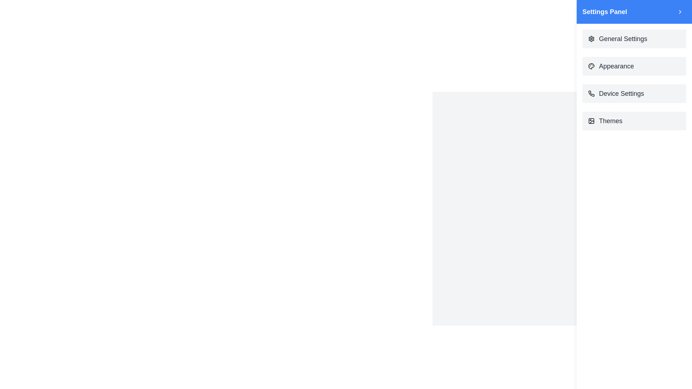 This screenshot has height=389, width=692. What do you see at coordinates (679, 12) in the screenshot?
I see `the Chevron Icon located in the top-right corner of the blue header within the 'Settings Panel' sidebar, adjacent to the title text 'Settings Panel.'` at bounding box center [679, 12].